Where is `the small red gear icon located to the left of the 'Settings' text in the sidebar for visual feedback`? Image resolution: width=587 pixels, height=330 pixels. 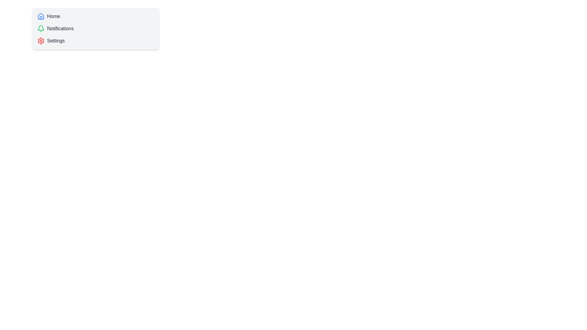
the small red gear icon located to the left of the 'Settings' text in the sidebar for visual feedback is located at coordinates (41, 41).